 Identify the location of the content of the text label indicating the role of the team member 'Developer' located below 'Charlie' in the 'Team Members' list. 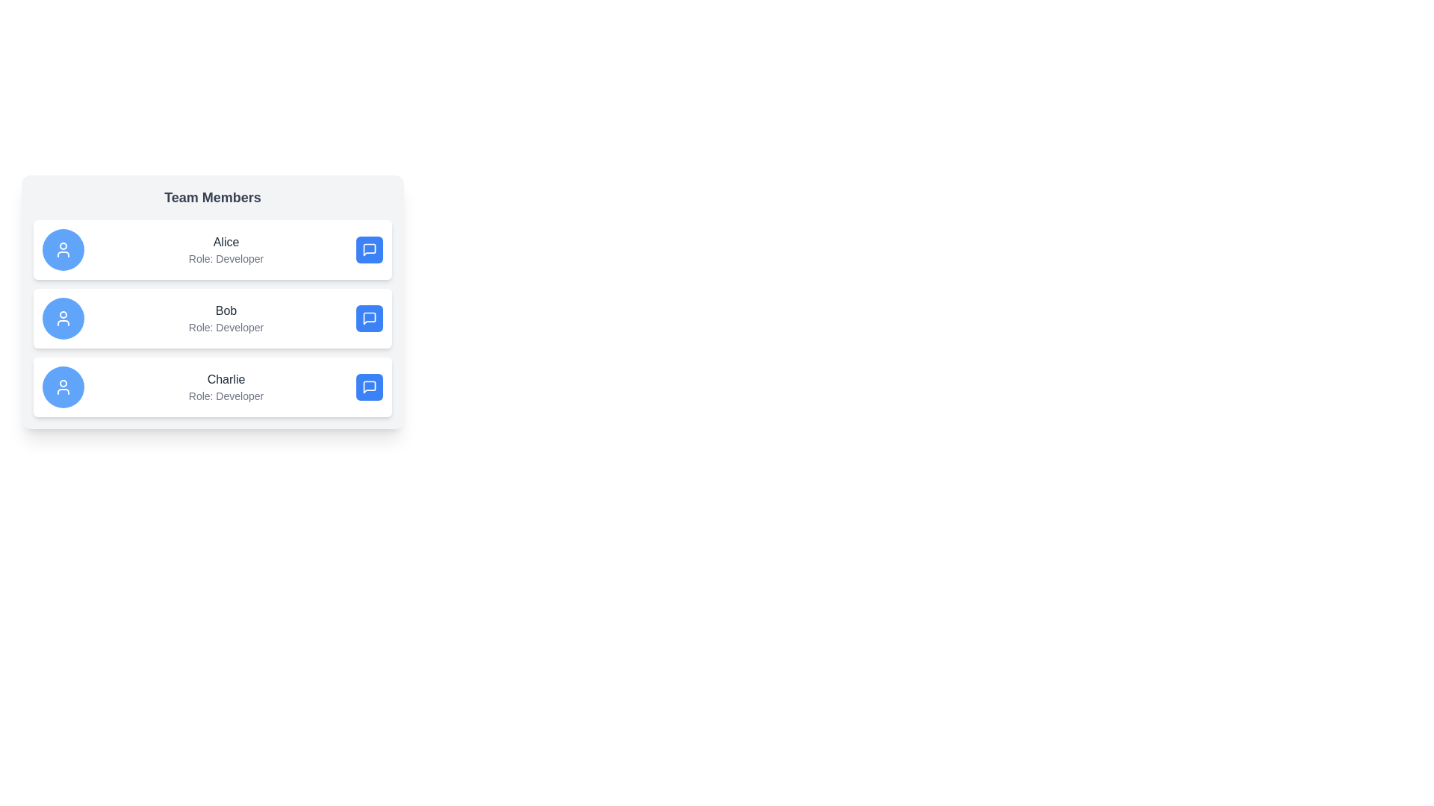
(225, 396).